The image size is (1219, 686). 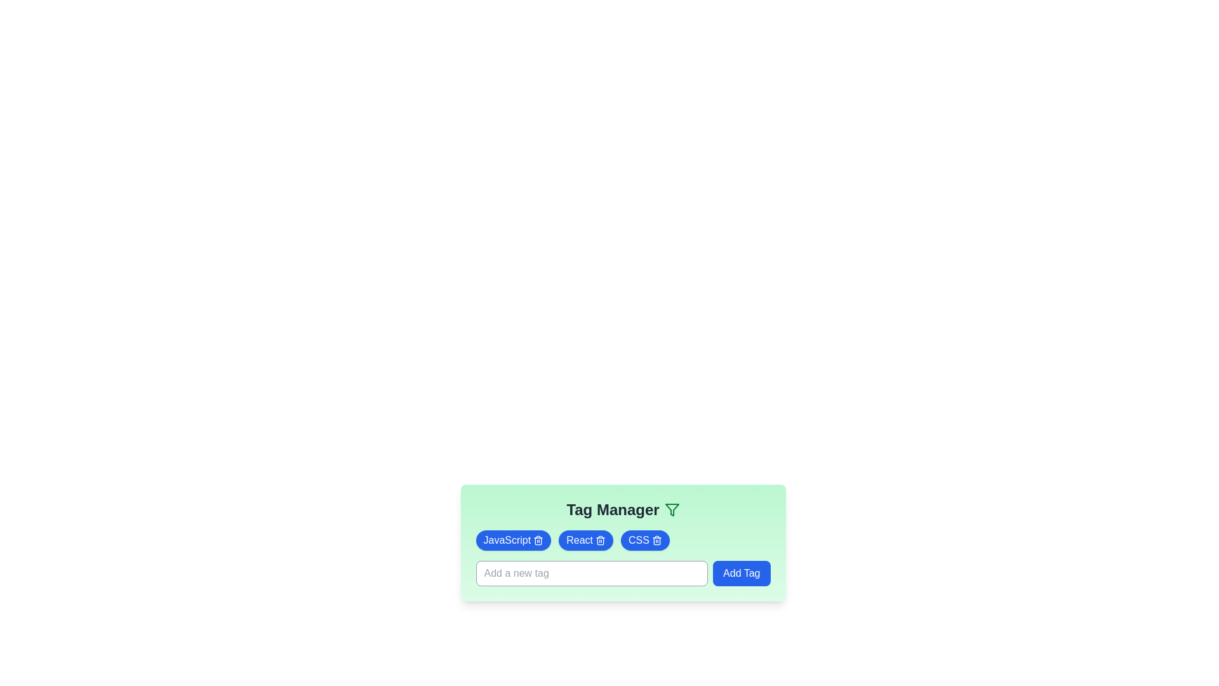 What do you see at coordinates (623, 543) in the screenshot?
I see `the delete icon associated with the 'CSS' tag button` at bounding box center [623, 543].